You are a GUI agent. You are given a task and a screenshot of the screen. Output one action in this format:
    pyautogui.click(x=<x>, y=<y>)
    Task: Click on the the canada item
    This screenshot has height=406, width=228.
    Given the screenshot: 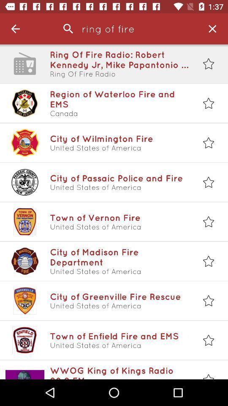 What is the action you would take?
    pyautogui.click(x=119, y=113)
    